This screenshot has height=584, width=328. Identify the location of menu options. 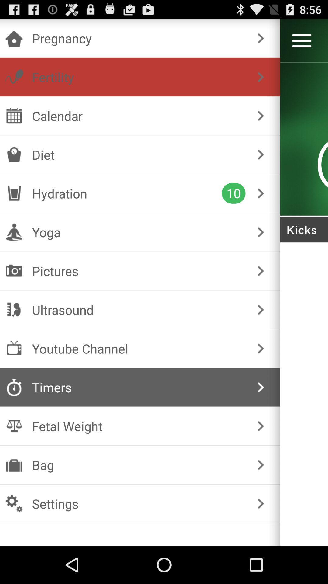
(302, 40).